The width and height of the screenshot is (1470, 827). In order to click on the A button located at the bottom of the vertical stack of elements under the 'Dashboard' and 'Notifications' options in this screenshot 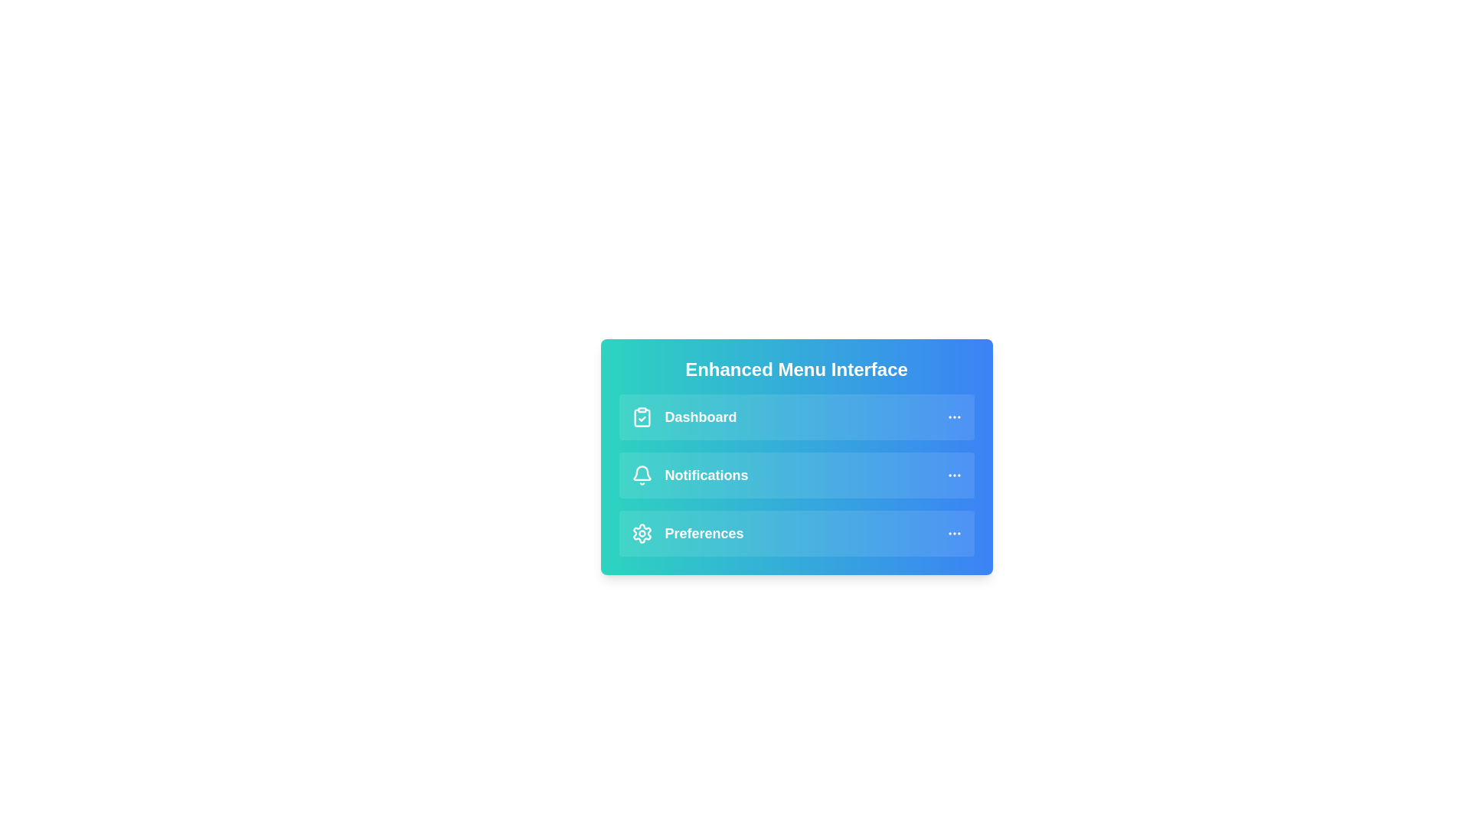, I will do `click(796, 533)`.